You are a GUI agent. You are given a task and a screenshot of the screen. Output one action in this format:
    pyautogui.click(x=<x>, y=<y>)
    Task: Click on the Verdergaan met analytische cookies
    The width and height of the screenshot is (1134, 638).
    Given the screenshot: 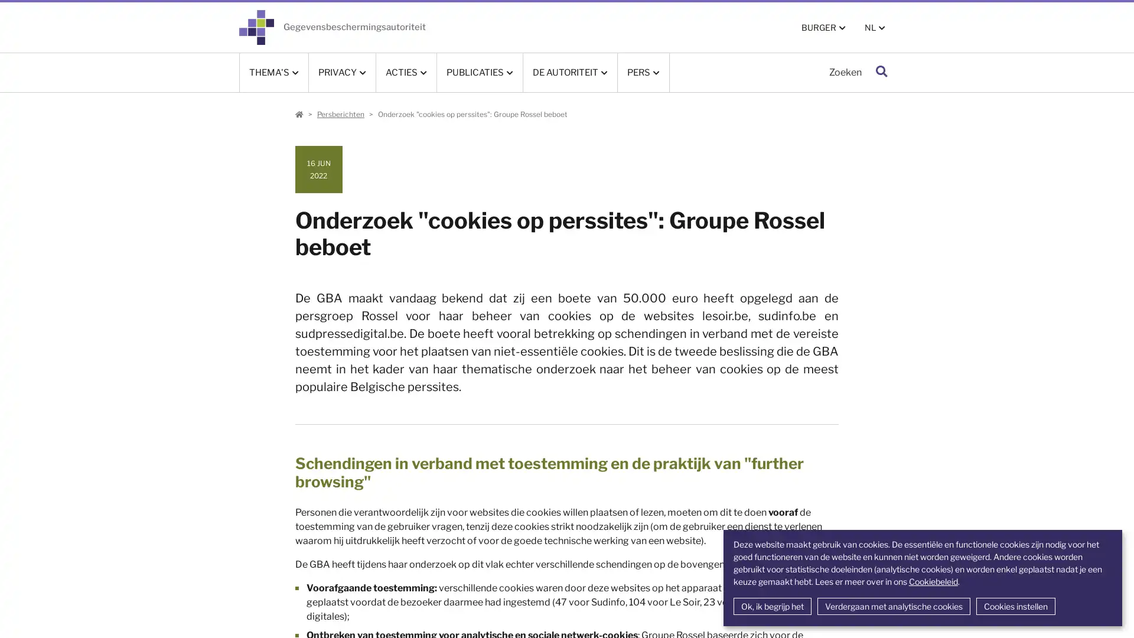 What is the action you would take?
    pyautogui.click(x=893, y=606)
    